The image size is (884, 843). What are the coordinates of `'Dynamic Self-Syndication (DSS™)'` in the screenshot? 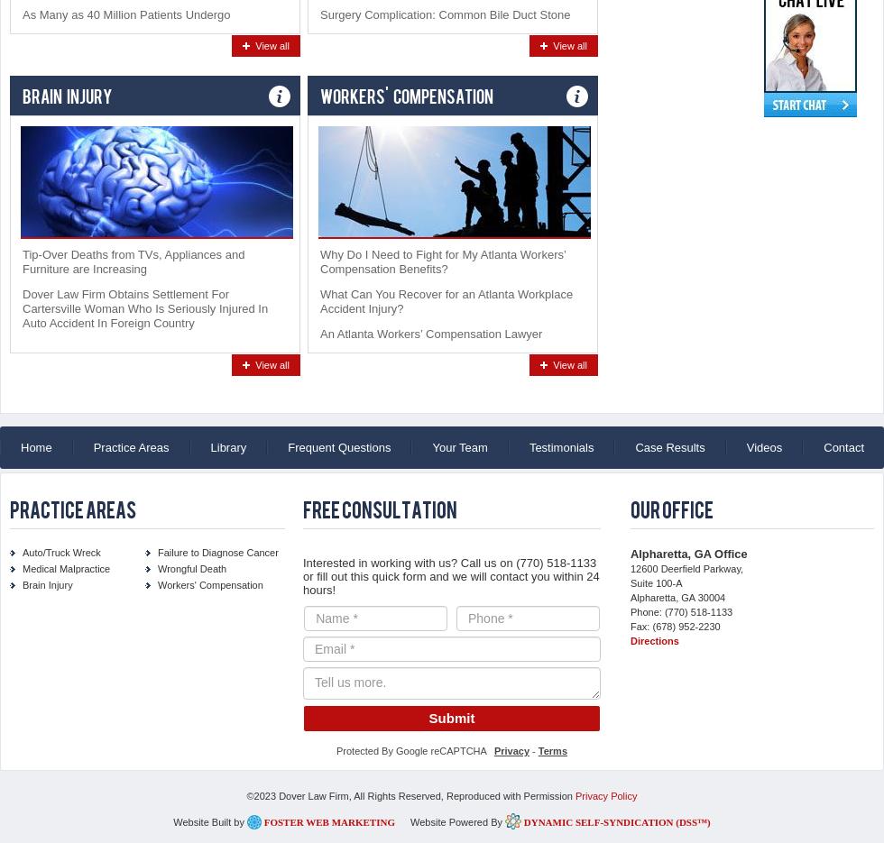 It's located at (615, 821).